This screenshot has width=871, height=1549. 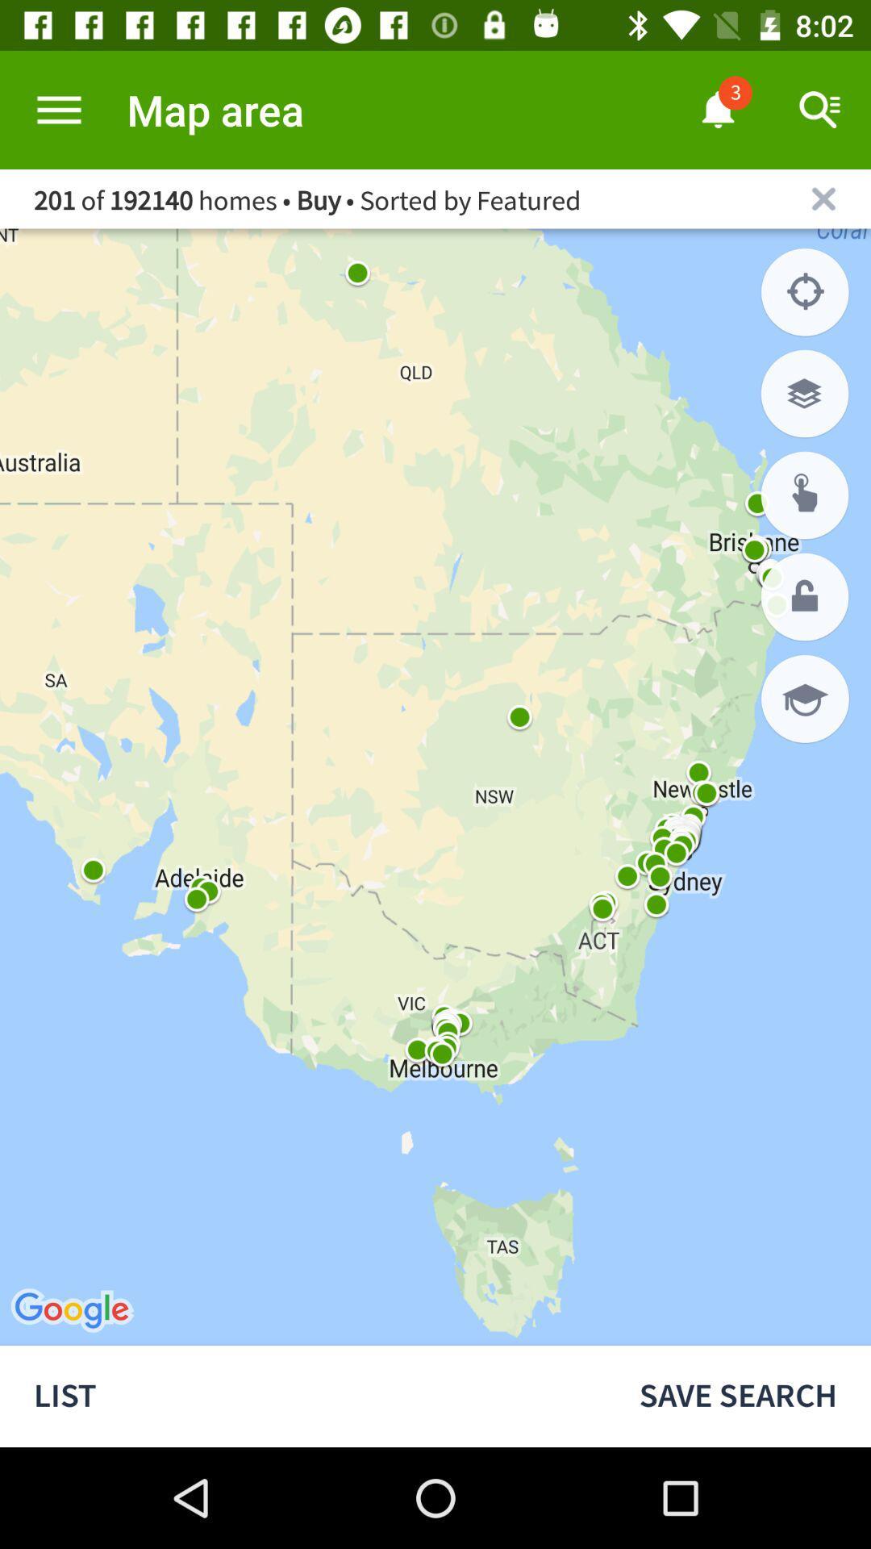 What do you see at coordinates (302, 1396) in the screenshot?
I see `icon to the left of save search icon` at bounding box center [302, 1396].